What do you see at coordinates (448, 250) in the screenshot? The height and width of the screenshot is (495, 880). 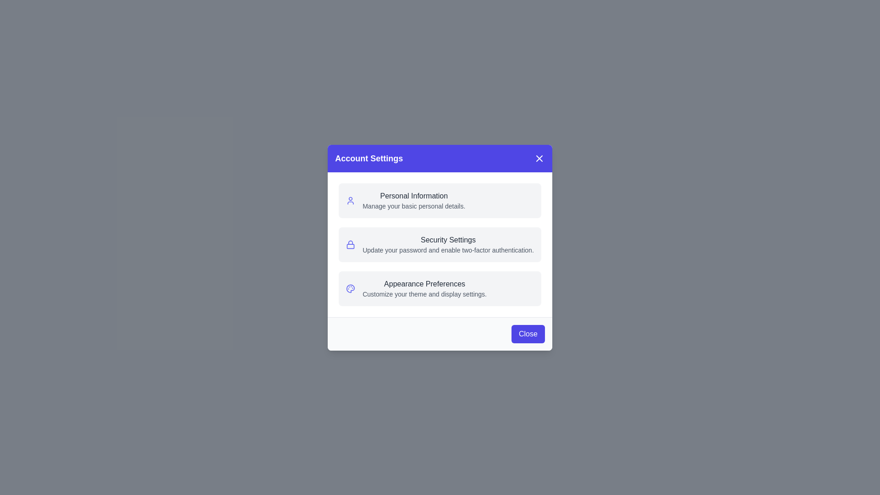 I see `the descriptive Text label for the 'Security Settings' section, which provides information on managing settings in the modal dialog` at bounding box center [448, 250].